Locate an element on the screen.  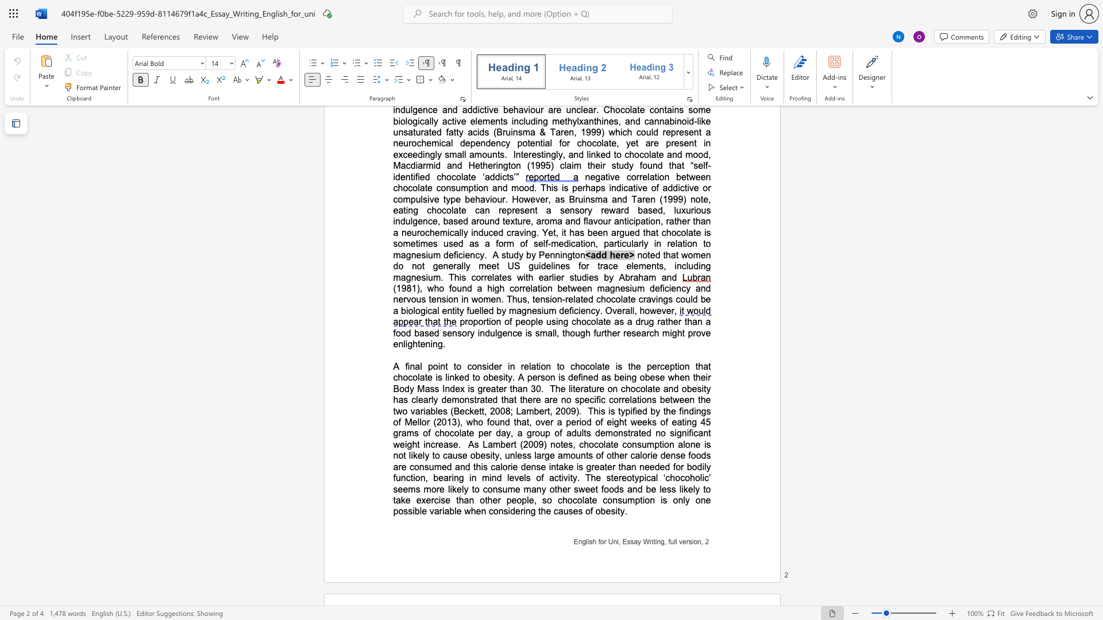
the subset text "Essay Wr" within the text "English for Uni, Essay Writing, full version," is located at coordinates (622, 542).